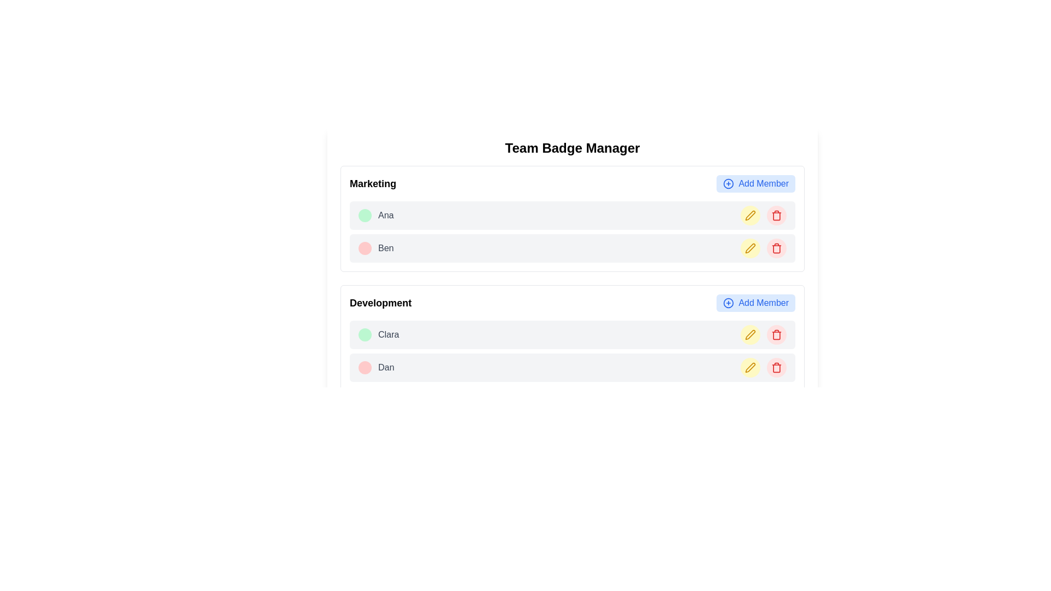 This screenshot has height=591, width=1051. What do you see at coordinates (750, 367) in the screenshot?
I see `the circular yellow button with a pen icon located next to the member 'Dan' in the 'Development' team section` at bounding box center [750, 367].